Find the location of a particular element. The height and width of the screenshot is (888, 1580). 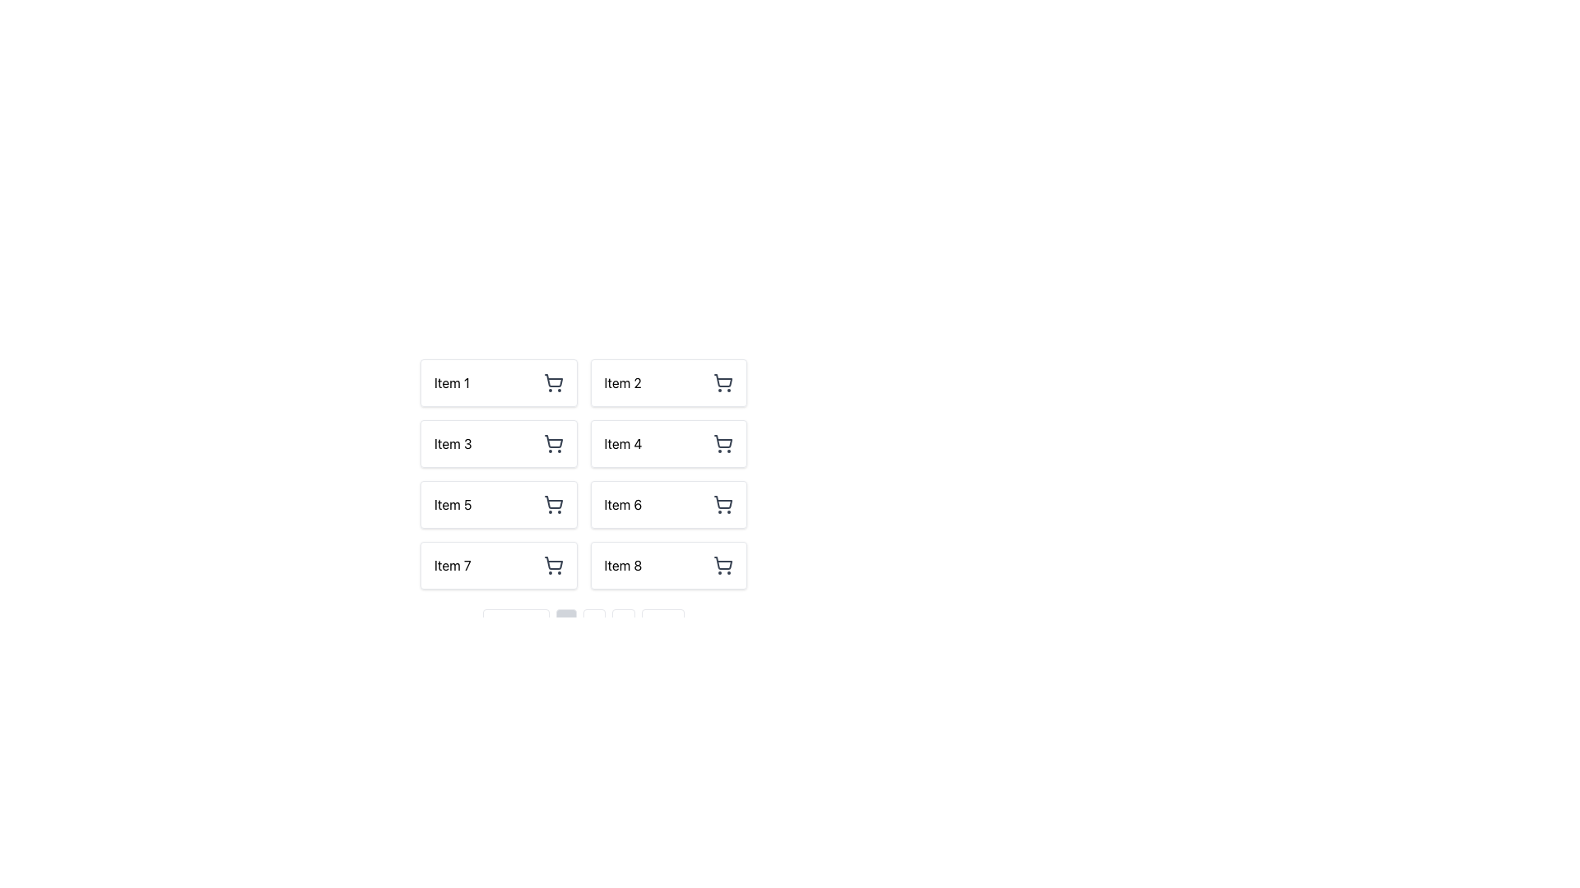

the page number in the Pagination control located directly beneath the grid of items labeled 'Item 1' to 'Item 8' is located at coordinates (583, 627).